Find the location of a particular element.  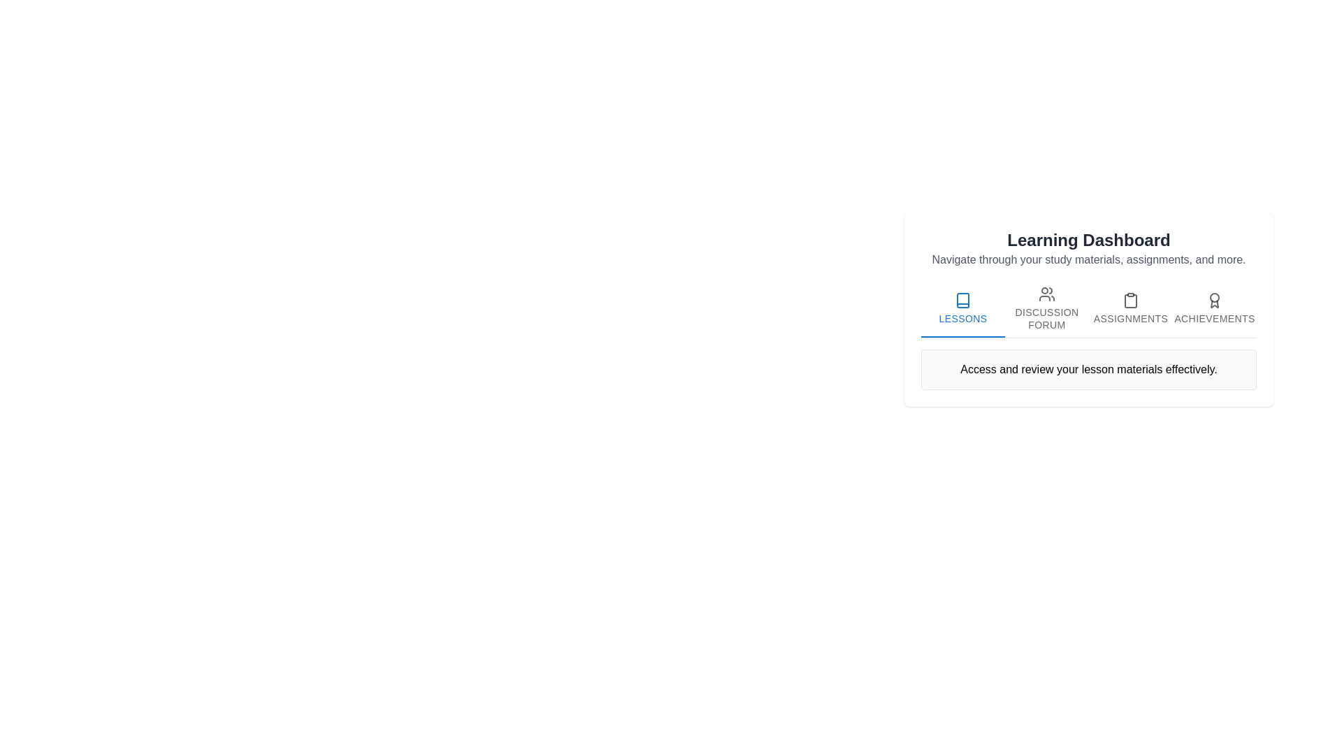

the 'Learning Dashboard' heading text element, which is displayed in bold and larger size compared to nearby text, located at the top of a card-like interface is located at coordinates (1088, 239).